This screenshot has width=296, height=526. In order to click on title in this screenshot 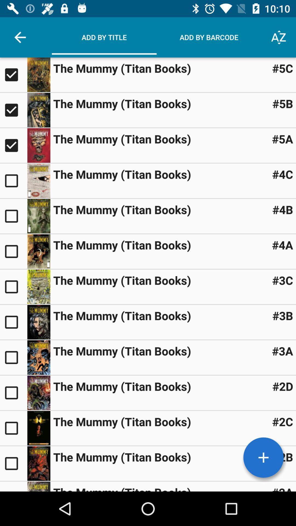, I will do `click(13, 110)`.